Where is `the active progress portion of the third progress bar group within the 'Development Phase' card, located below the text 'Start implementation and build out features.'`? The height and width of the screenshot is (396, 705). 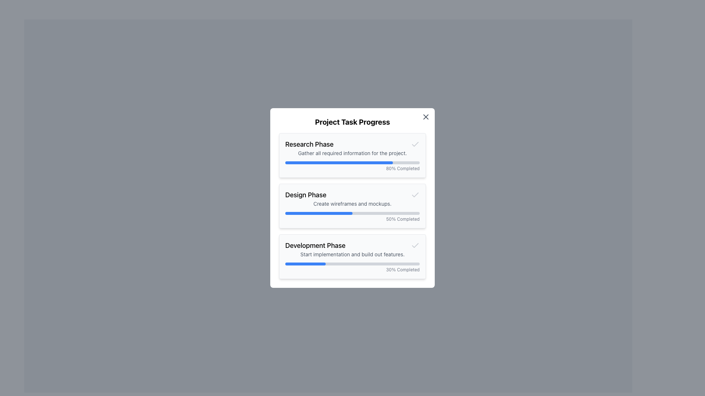 the active progress portion of the third progress bar group within the 'Development Phase' card, located below the text 'Start implementation and build out features.' is located at coordinates (305, 264).